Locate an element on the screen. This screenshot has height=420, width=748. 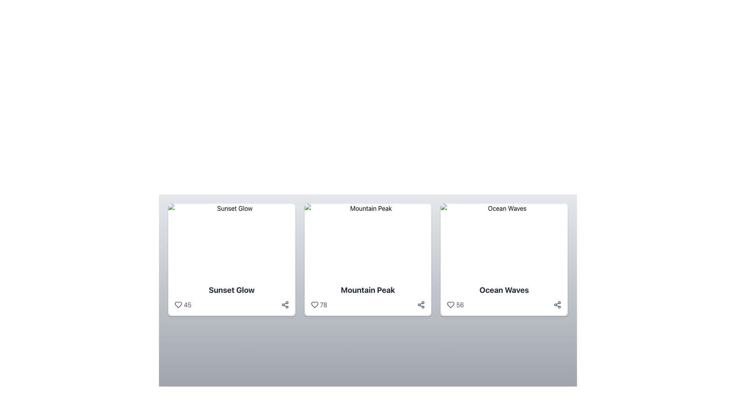
the heart-shaped icon representing the 'like' button located at the bottom-left corner of the 'Sunset Glow' card to like the content is located at coordinates (178, 304).